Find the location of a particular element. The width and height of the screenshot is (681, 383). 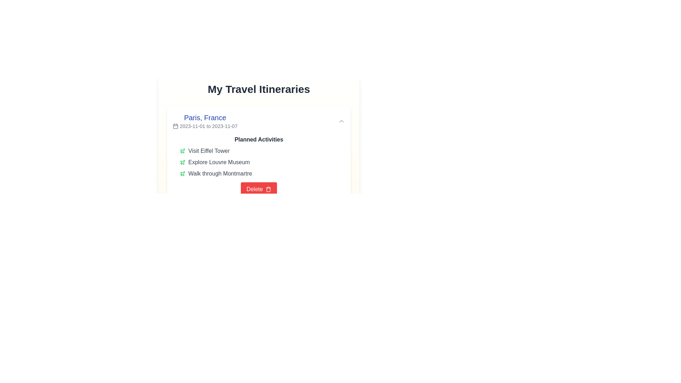

the Text component describing the travel itinerary for 'Paris, France' located in the 'My Travel Itineraries' section by clicking on it to interact with surrounding elements is located at coordinates (205, 121).